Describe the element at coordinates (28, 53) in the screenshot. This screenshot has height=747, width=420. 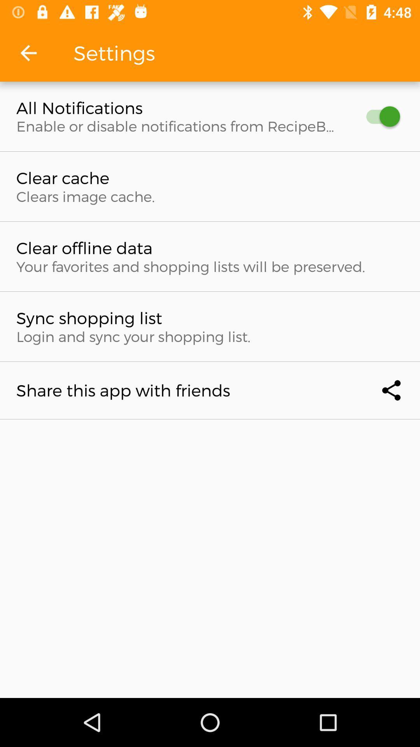
I see `the app next to the settings item` at that location.